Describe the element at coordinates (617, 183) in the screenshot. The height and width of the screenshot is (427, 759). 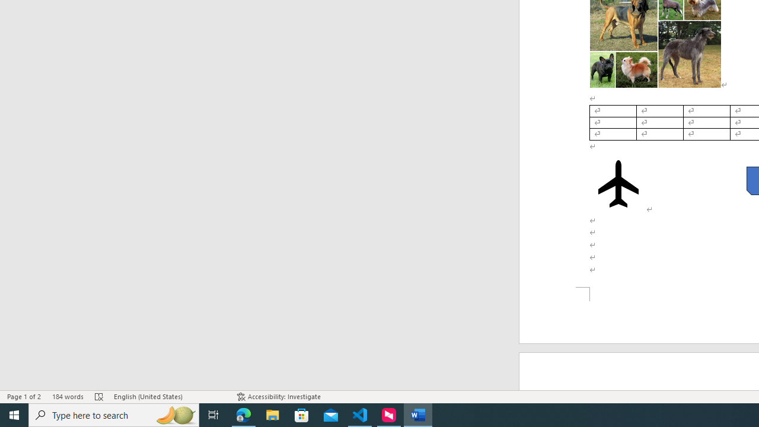
I see `'Airplane with solid fill'` at that location.